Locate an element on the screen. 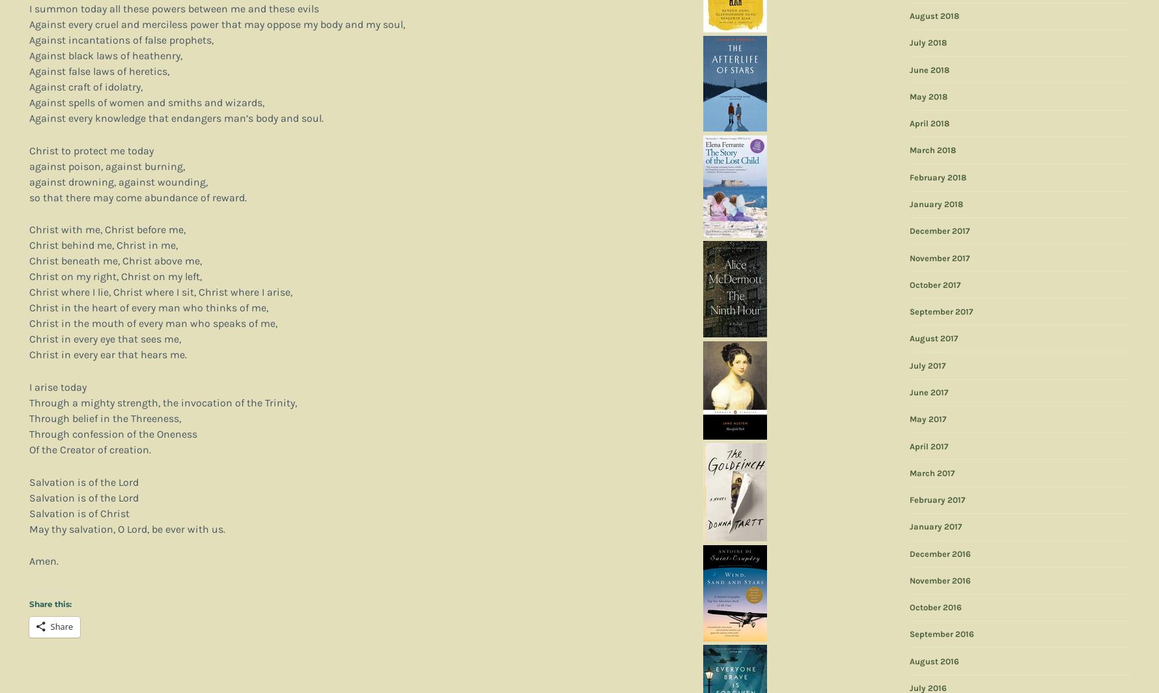  'June 2017' is located at coordinates (928, 391).